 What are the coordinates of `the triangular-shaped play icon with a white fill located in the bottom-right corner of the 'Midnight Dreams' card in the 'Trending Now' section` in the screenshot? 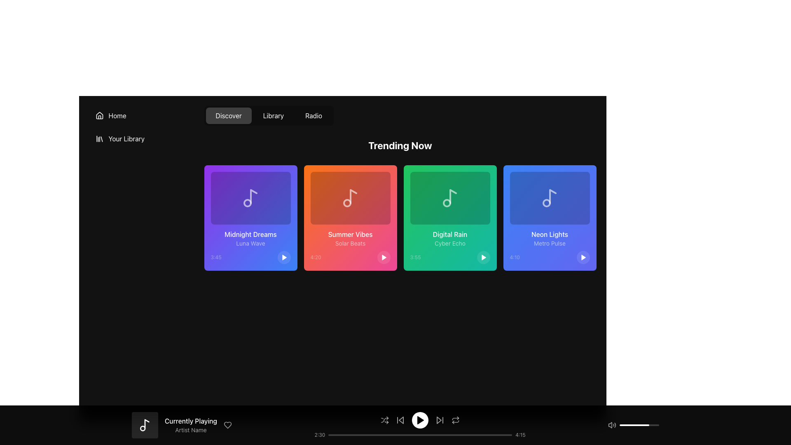 It's located at (284, 257).